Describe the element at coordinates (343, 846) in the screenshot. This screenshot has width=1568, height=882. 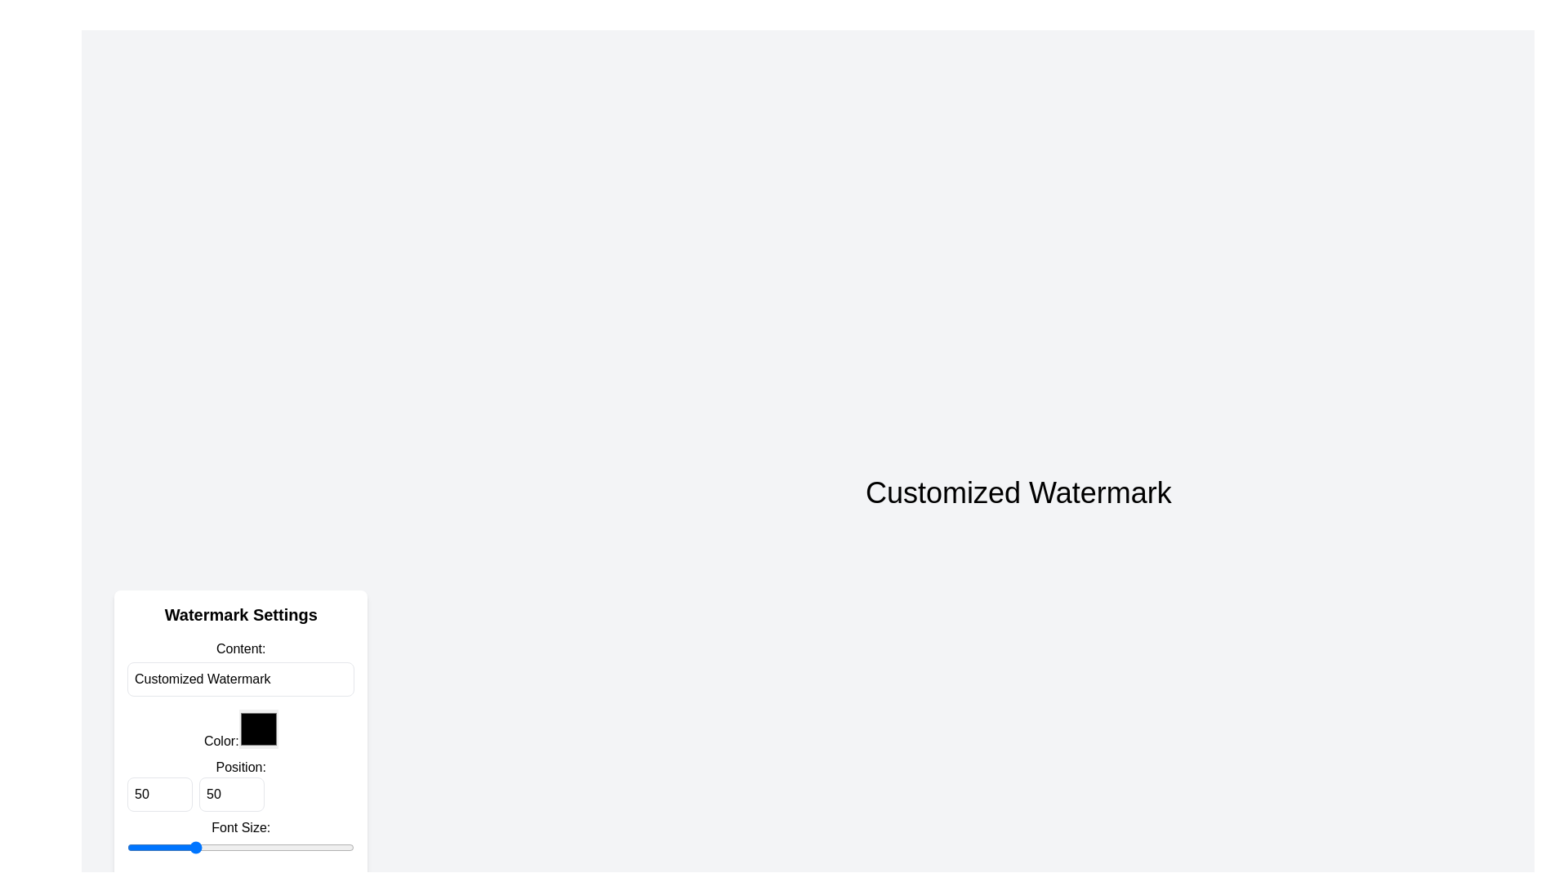
I see `the font size` at that location.